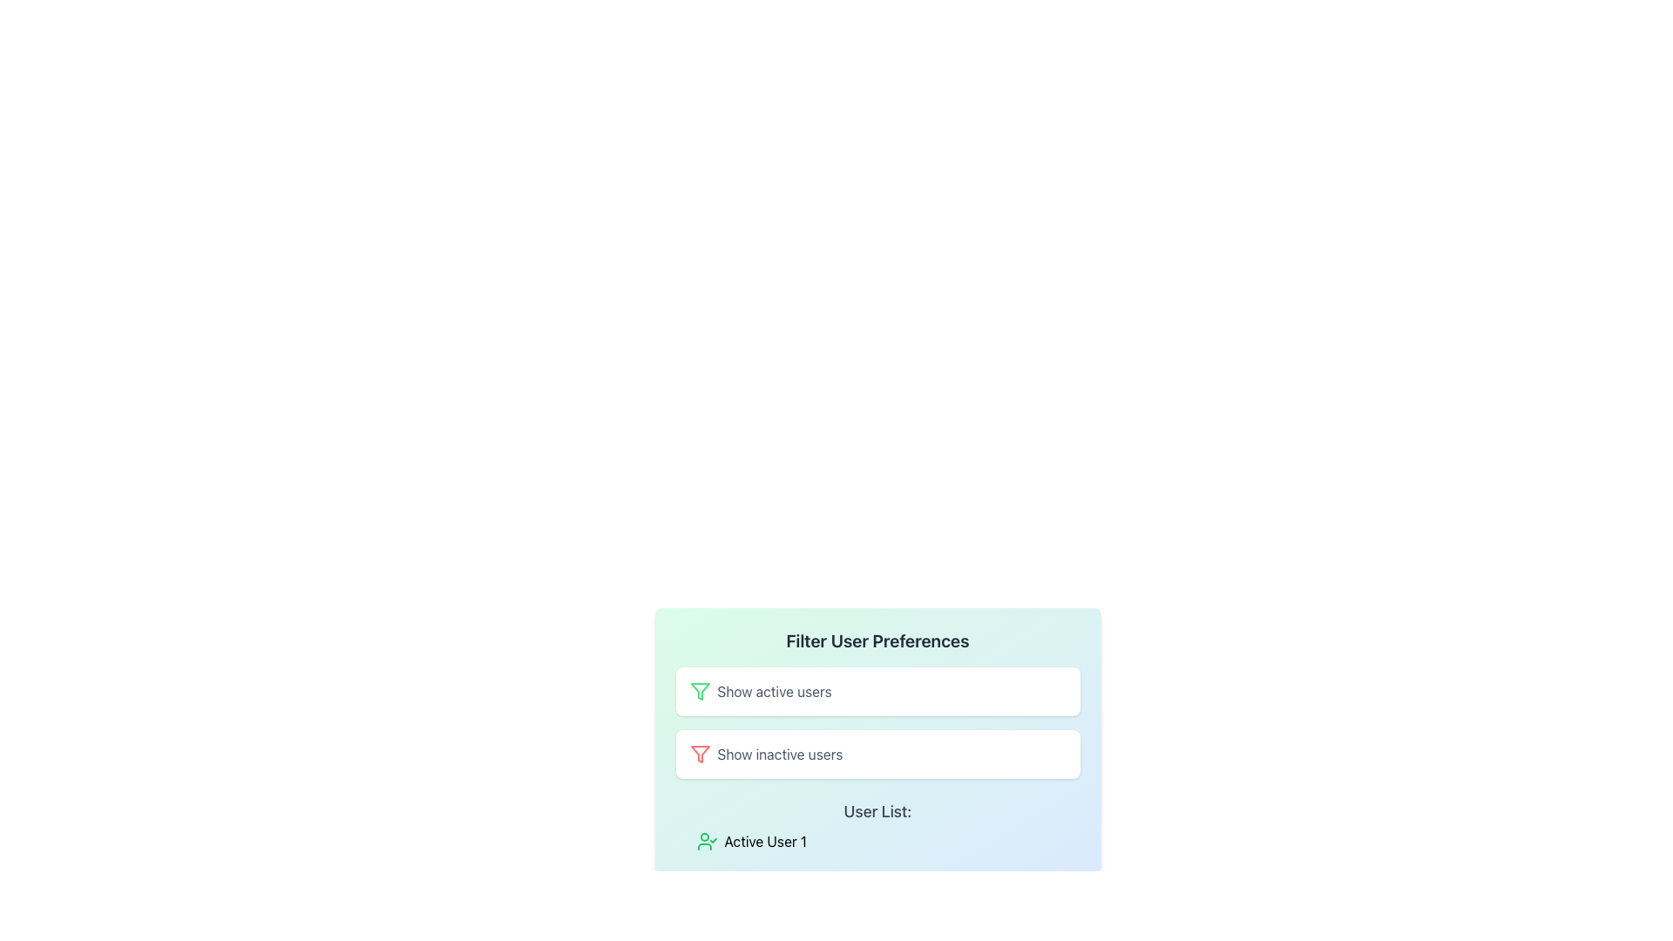 Image resolution: width=1673 pixels, height=941 pixels. Describe the element at coordinates (877, 641) in the screenshot. I see `the text label 'Filter User Preferences', which is styled in bold font and centrally aligned at the top of a card-like component` at that location.